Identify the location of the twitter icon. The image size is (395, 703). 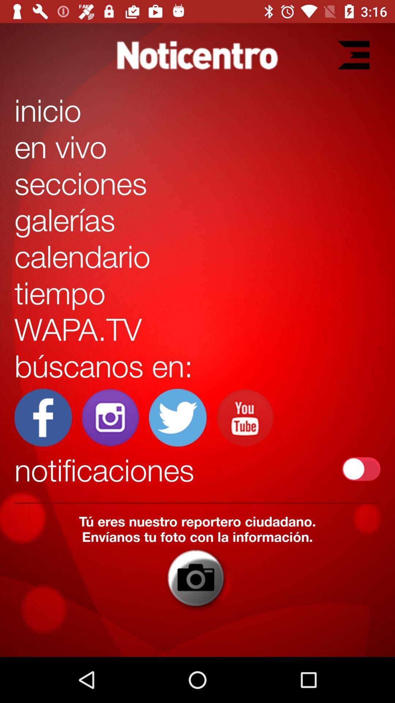
(178, 417).